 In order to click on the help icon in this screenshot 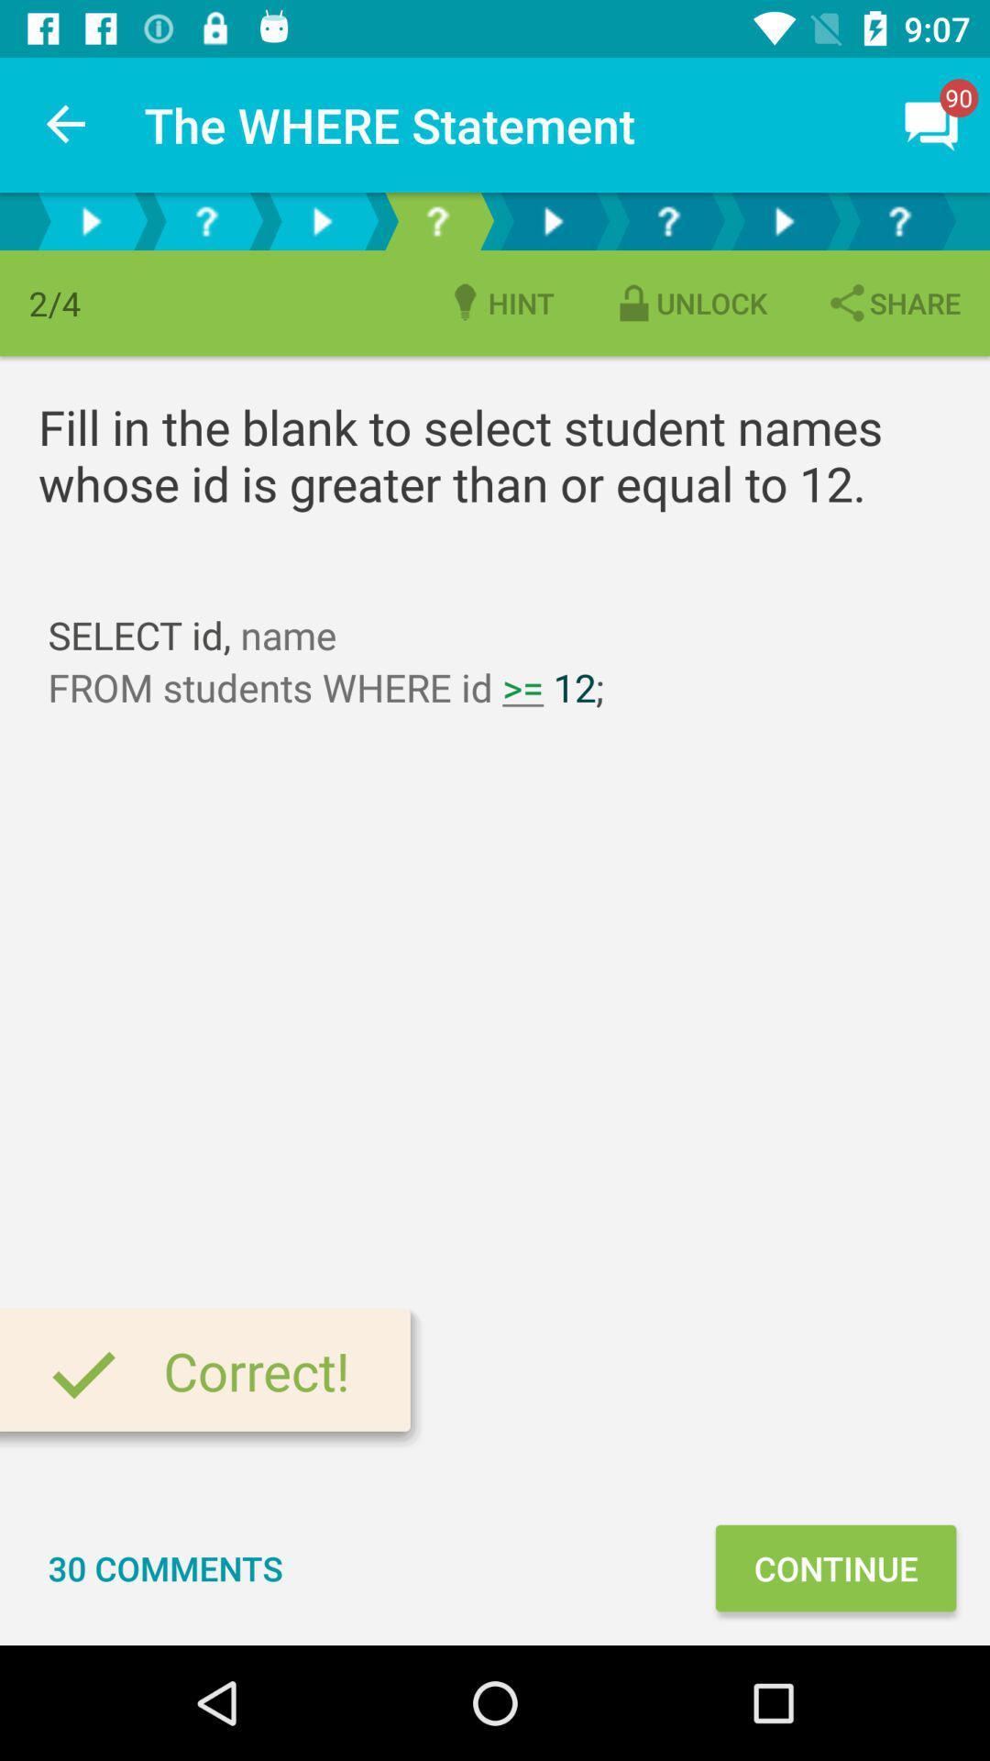, I will do `click(897, 220)`.